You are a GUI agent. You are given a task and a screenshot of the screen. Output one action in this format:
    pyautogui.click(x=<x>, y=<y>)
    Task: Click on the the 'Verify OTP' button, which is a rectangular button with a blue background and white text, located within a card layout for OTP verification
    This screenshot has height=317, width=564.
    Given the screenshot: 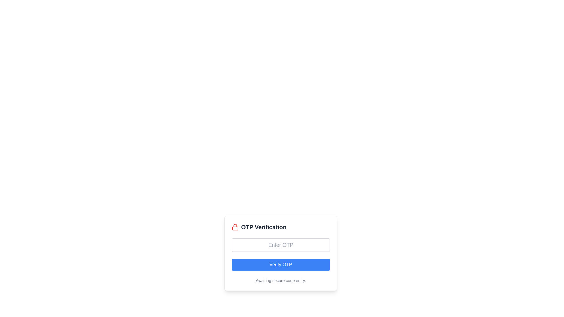 What is the action you would take?
    pyautogui.click(x=280, y=265)
    